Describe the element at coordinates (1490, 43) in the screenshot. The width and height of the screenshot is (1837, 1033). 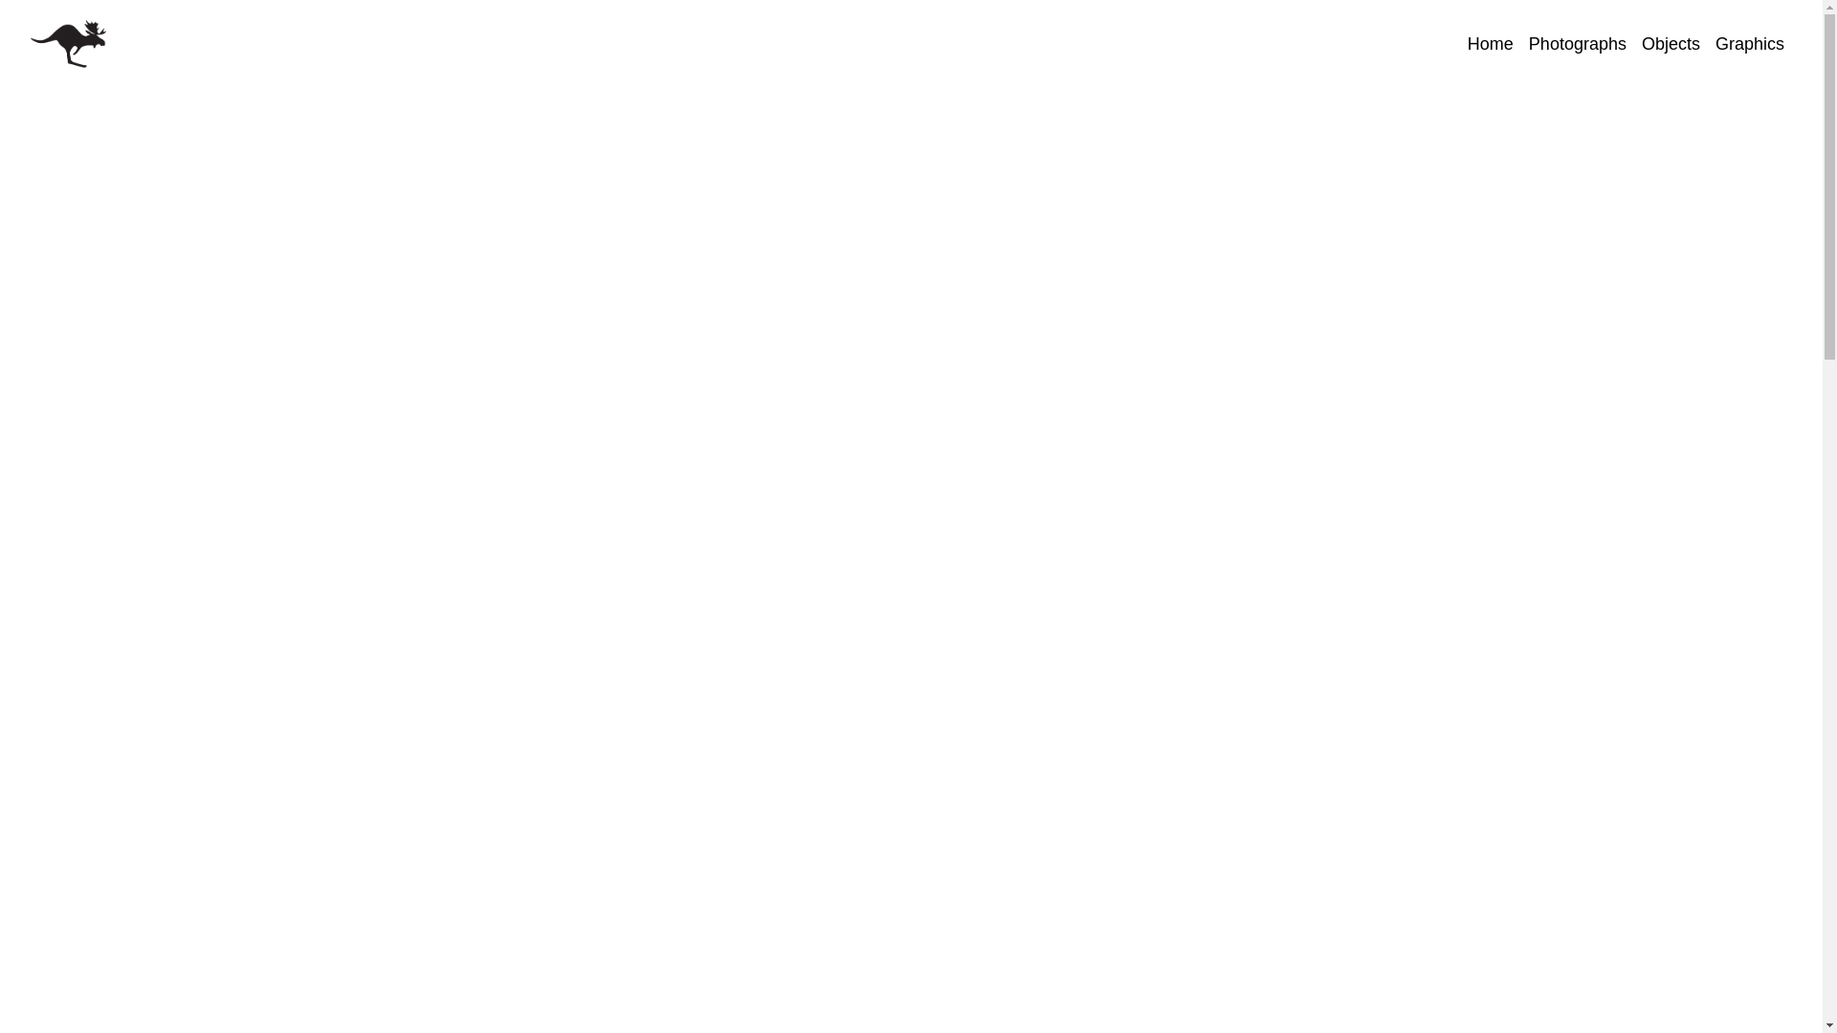
I see `'Home'` at that location.